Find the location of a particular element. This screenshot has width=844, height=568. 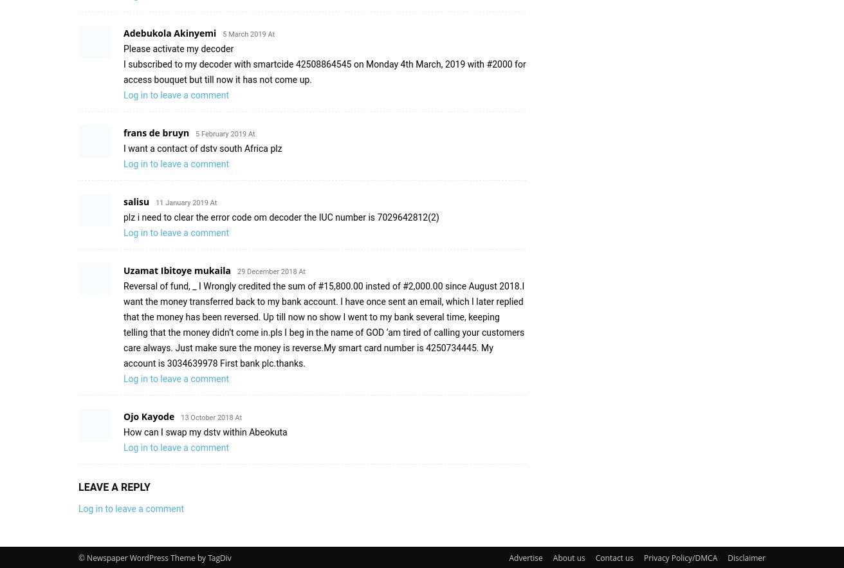

'I want a contact of dstv south Africa plz' is located at coordinates (202, 148).